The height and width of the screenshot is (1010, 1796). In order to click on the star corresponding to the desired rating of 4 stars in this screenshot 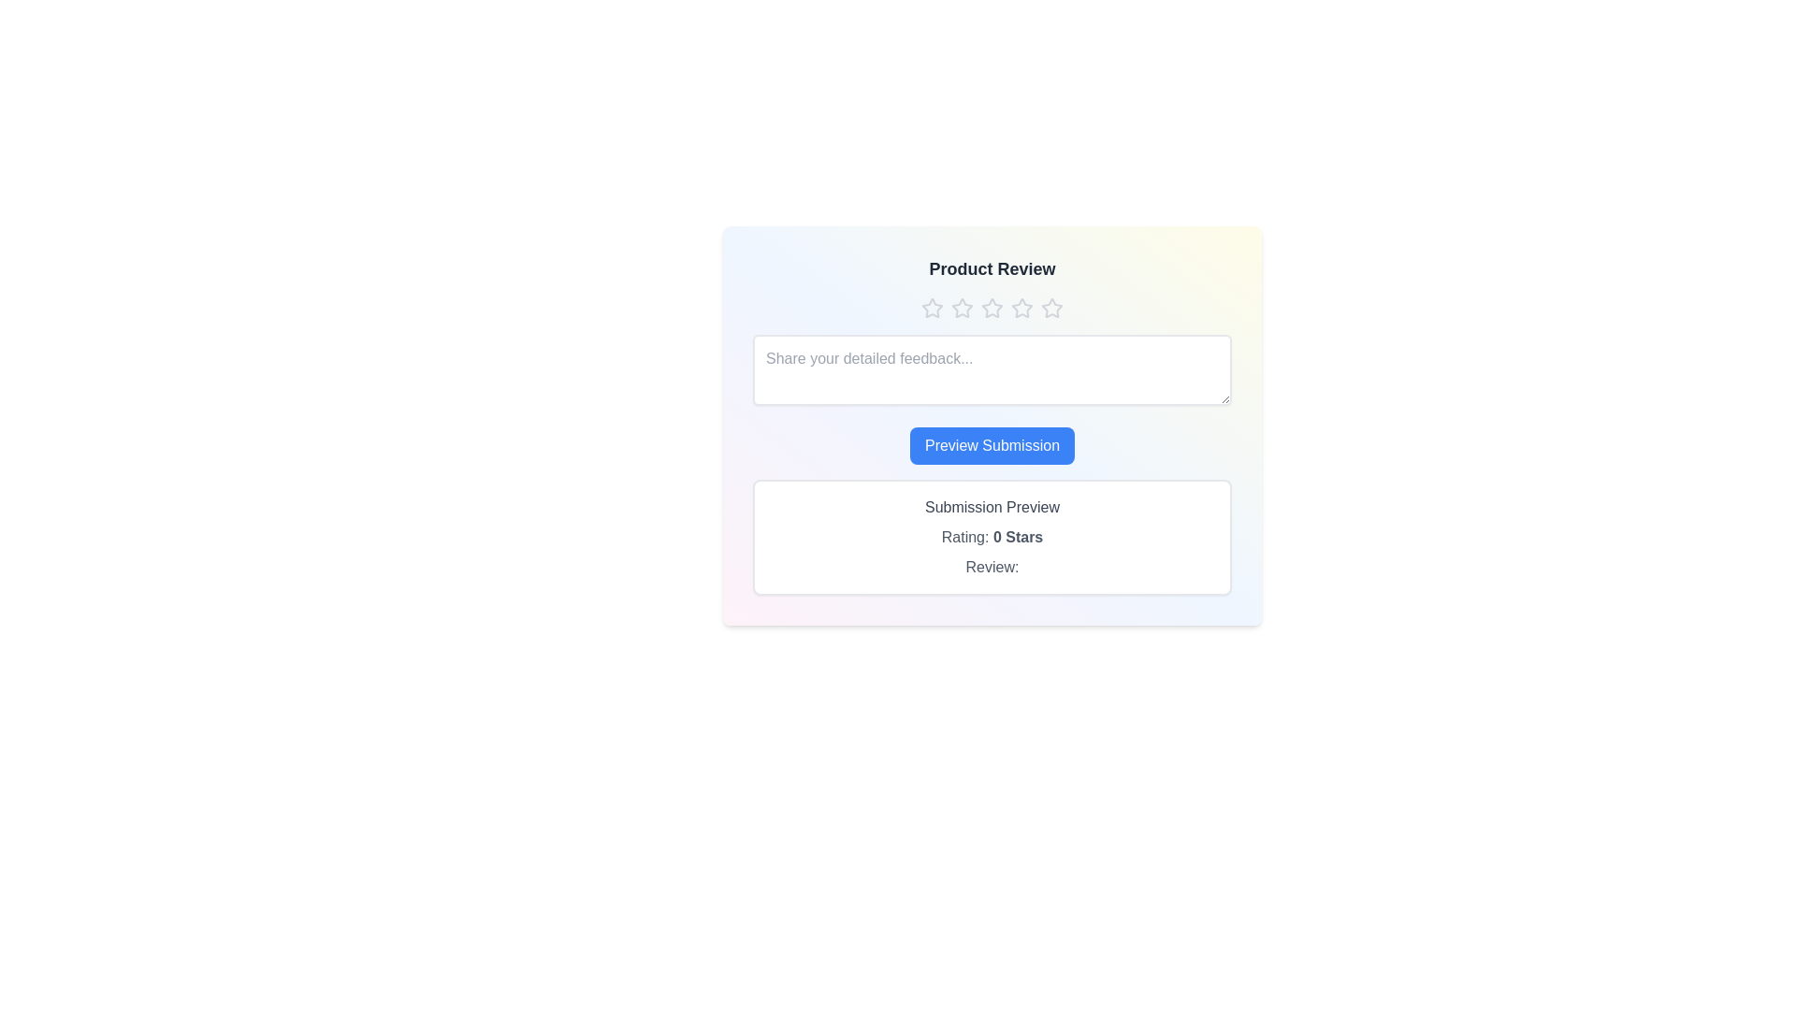, I will do `click(1021, 308)`.